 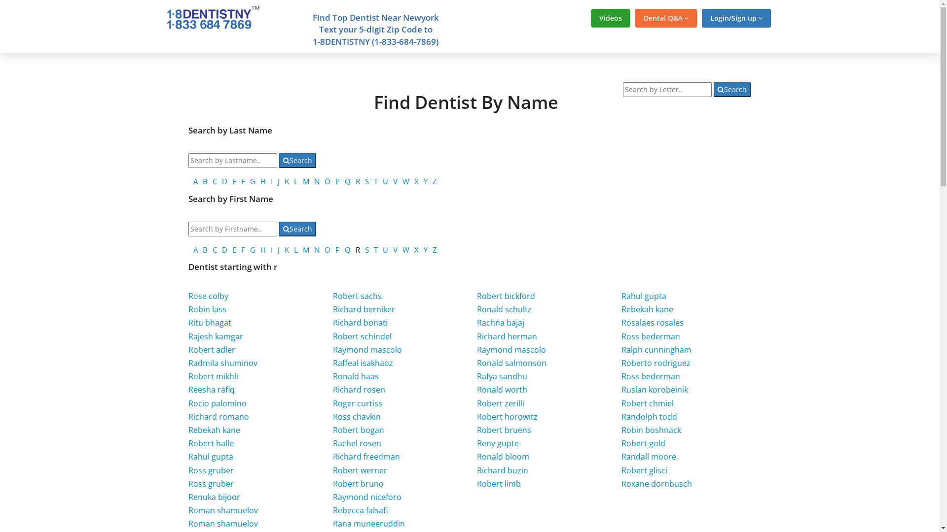 What do you see at coordinates (651, 376) in the screenshot?
I see `'Ross bederman'` at bounding box center [651, 376].